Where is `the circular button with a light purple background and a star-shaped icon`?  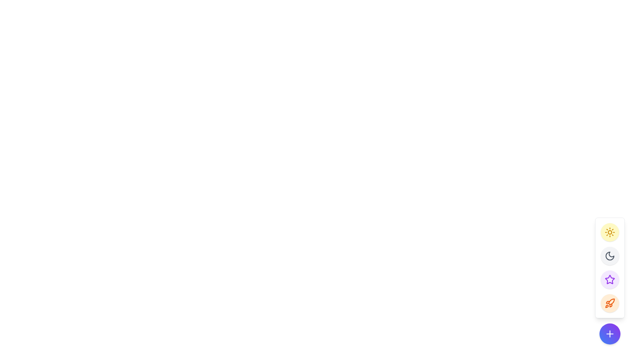 the circular button with a light purple background and a star-shaped icon is located at coordinates (610, 280).